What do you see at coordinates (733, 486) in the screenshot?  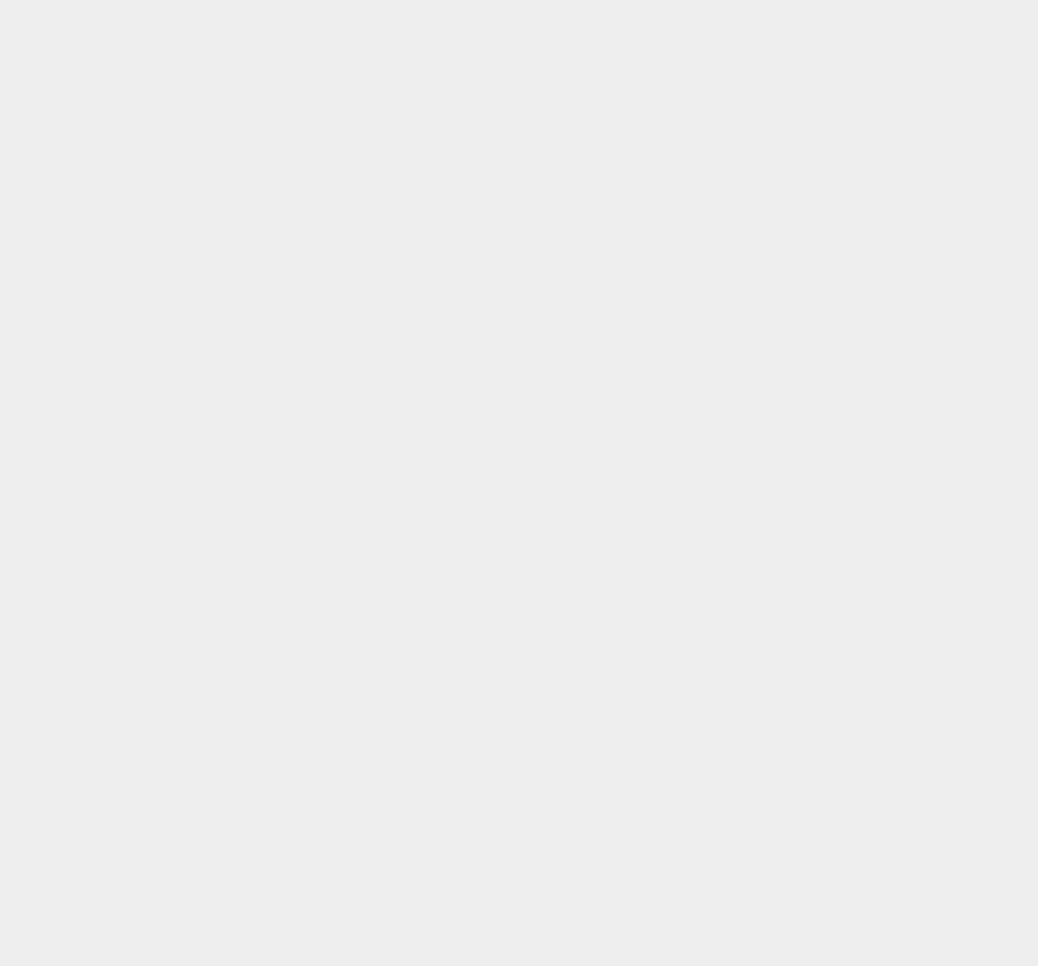 I see `'Apple'` at bounding box center [733, 486].